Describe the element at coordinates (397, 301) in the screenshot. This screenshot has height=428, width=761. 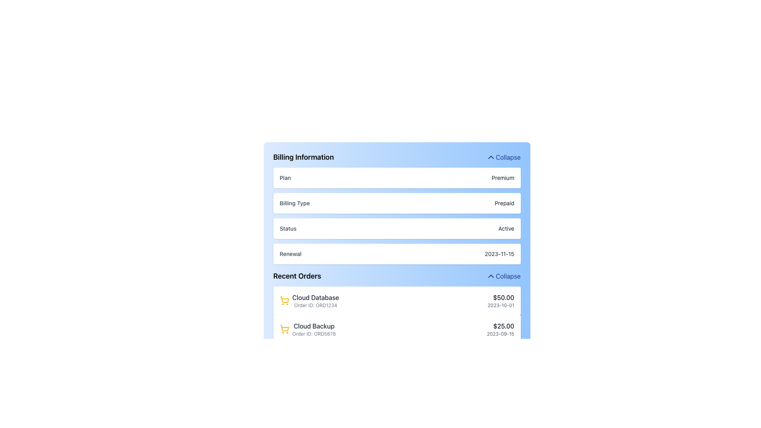
I see `the Information display panel that shows details about a recent cloud database order, including the title 'Cloud Database', order ID 'Order ID: ORD1234', price '$50.00', and date '2023-10-01'` at that location.